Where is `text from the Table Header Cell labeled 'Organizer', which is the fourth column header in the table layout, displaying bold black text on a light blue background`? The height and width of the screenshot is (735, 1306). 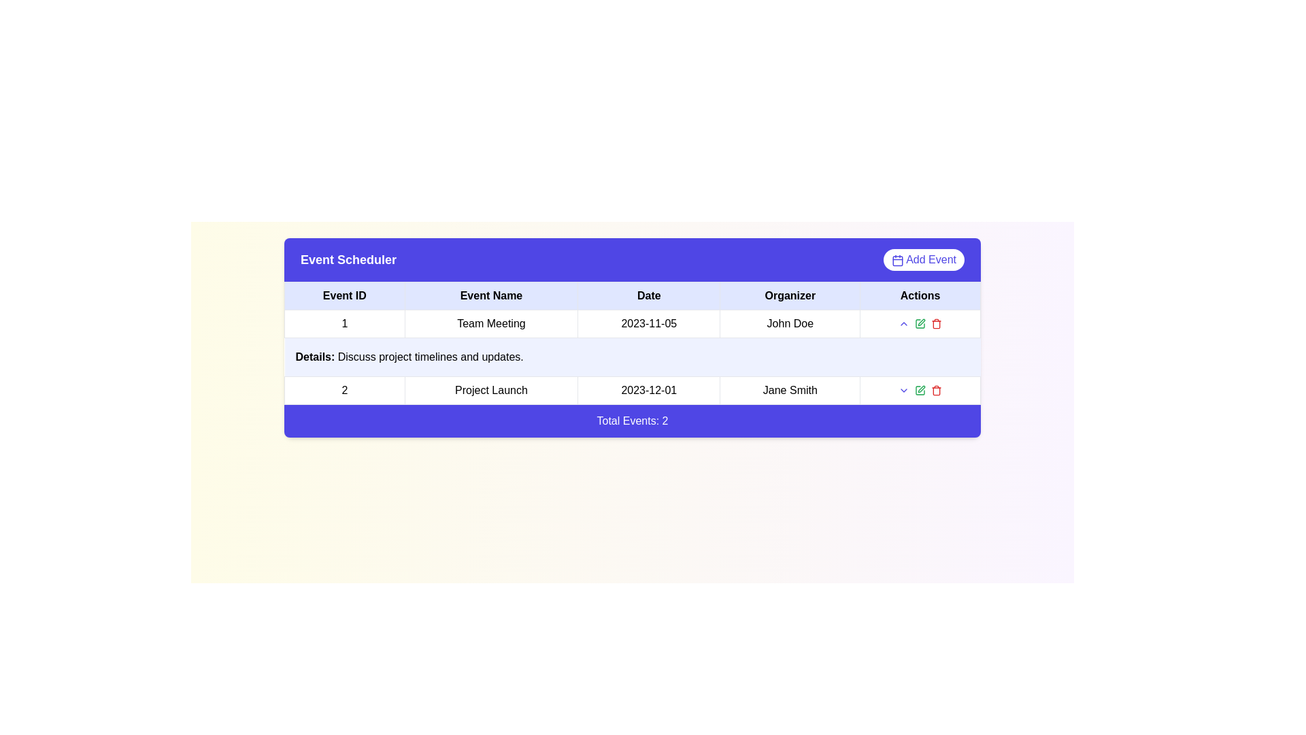 text from the Table Header Cell labeled 'Organizer', which is the fourth column header in the table layout, displaying bold black text on a light blue background is located at coordinates (790, 295).